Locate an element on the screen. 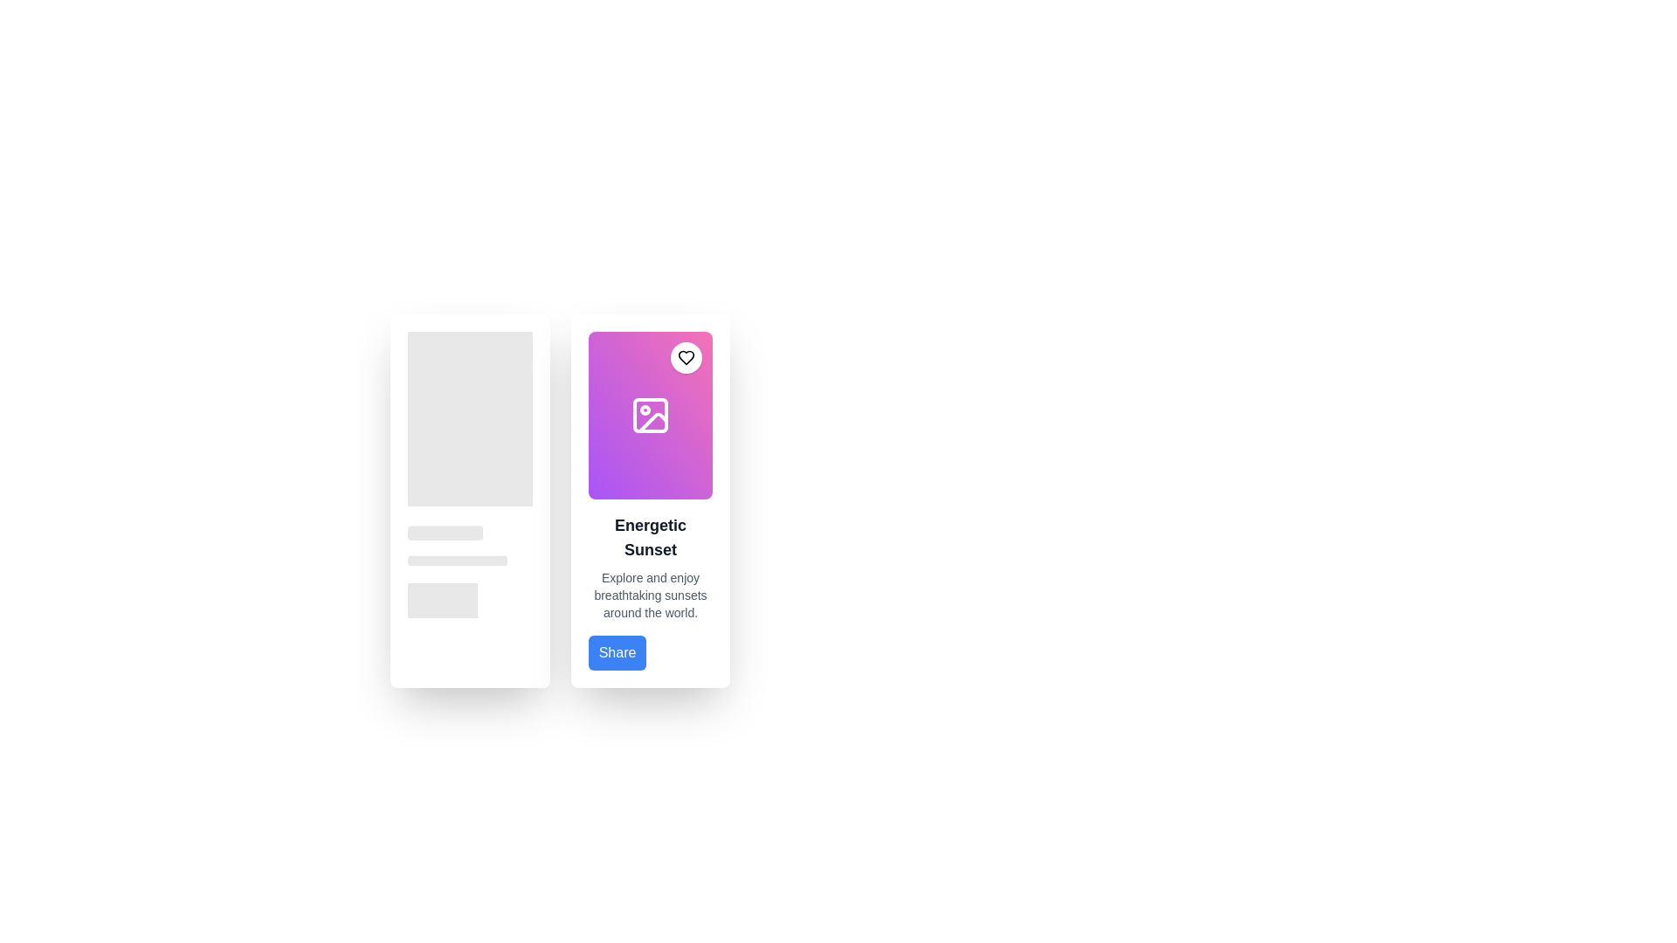  image section of the Content Card showcasing 'Energetic Sunset', which is visually distinct with a purple gradient and located centrally in the interface is located at coordinates (649, 501).